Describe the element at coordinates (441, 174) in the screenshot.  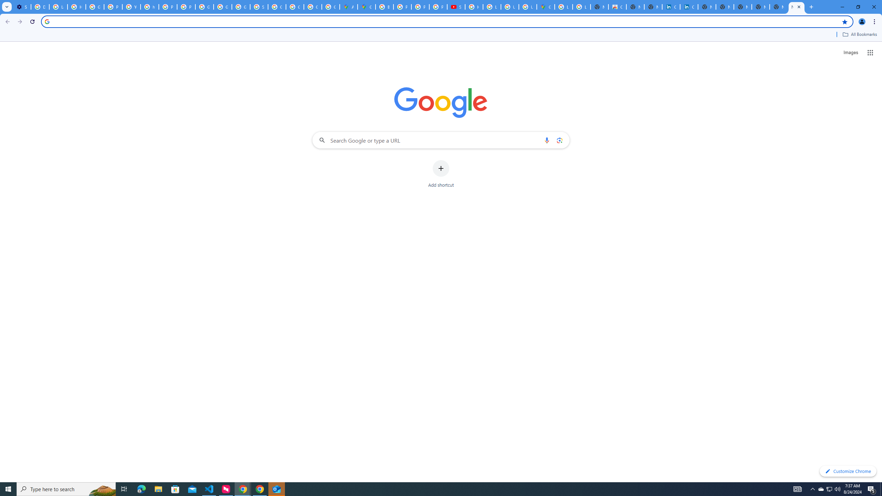
I see `'Add shortcut'` at that location.